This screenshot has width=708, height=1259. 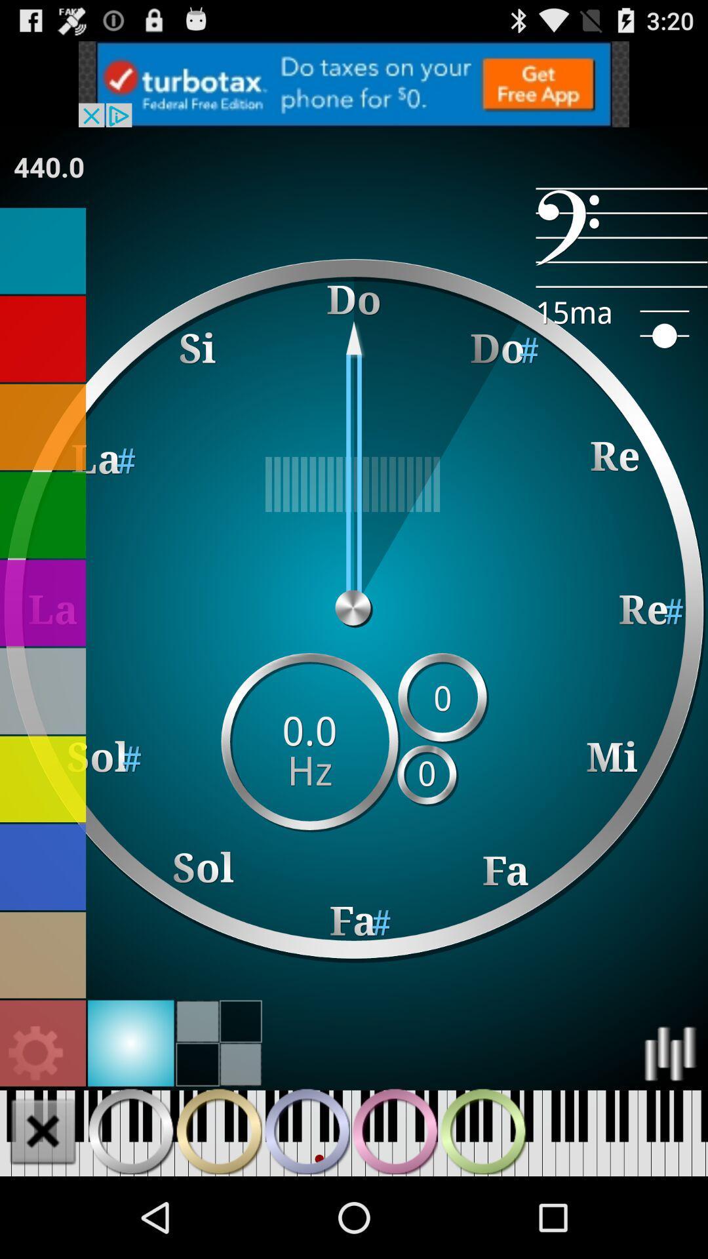 What do you see at coordinates (35, 1054) in the screenshot?
I see `more setting` at bounding box center [35, 1054].